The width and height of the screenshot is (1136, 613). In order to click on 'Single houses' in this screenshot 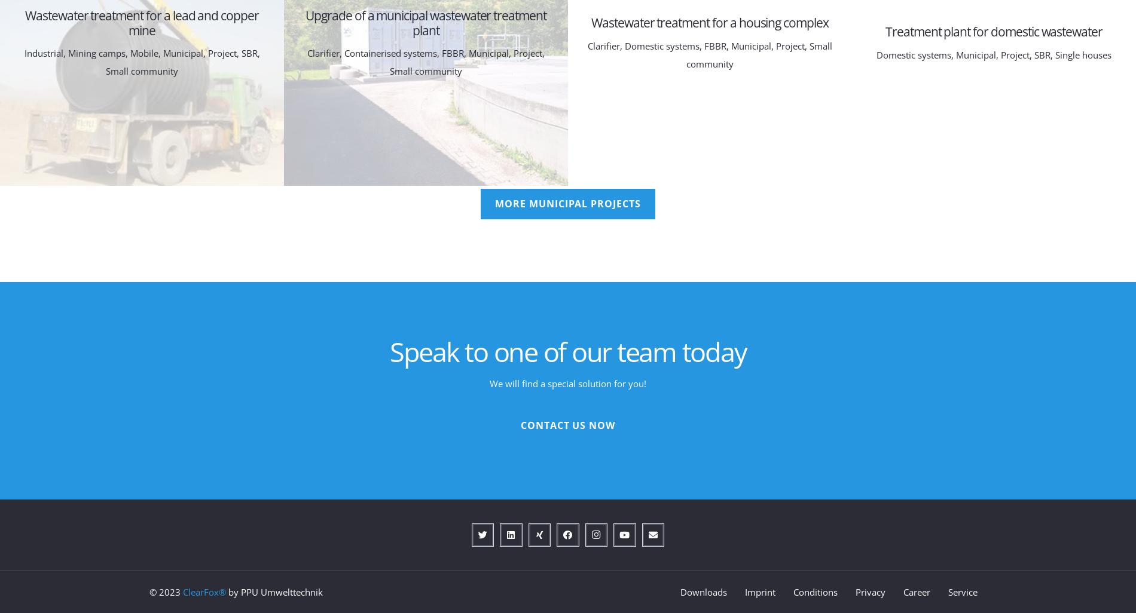, I will do `click(1083, 54)`.